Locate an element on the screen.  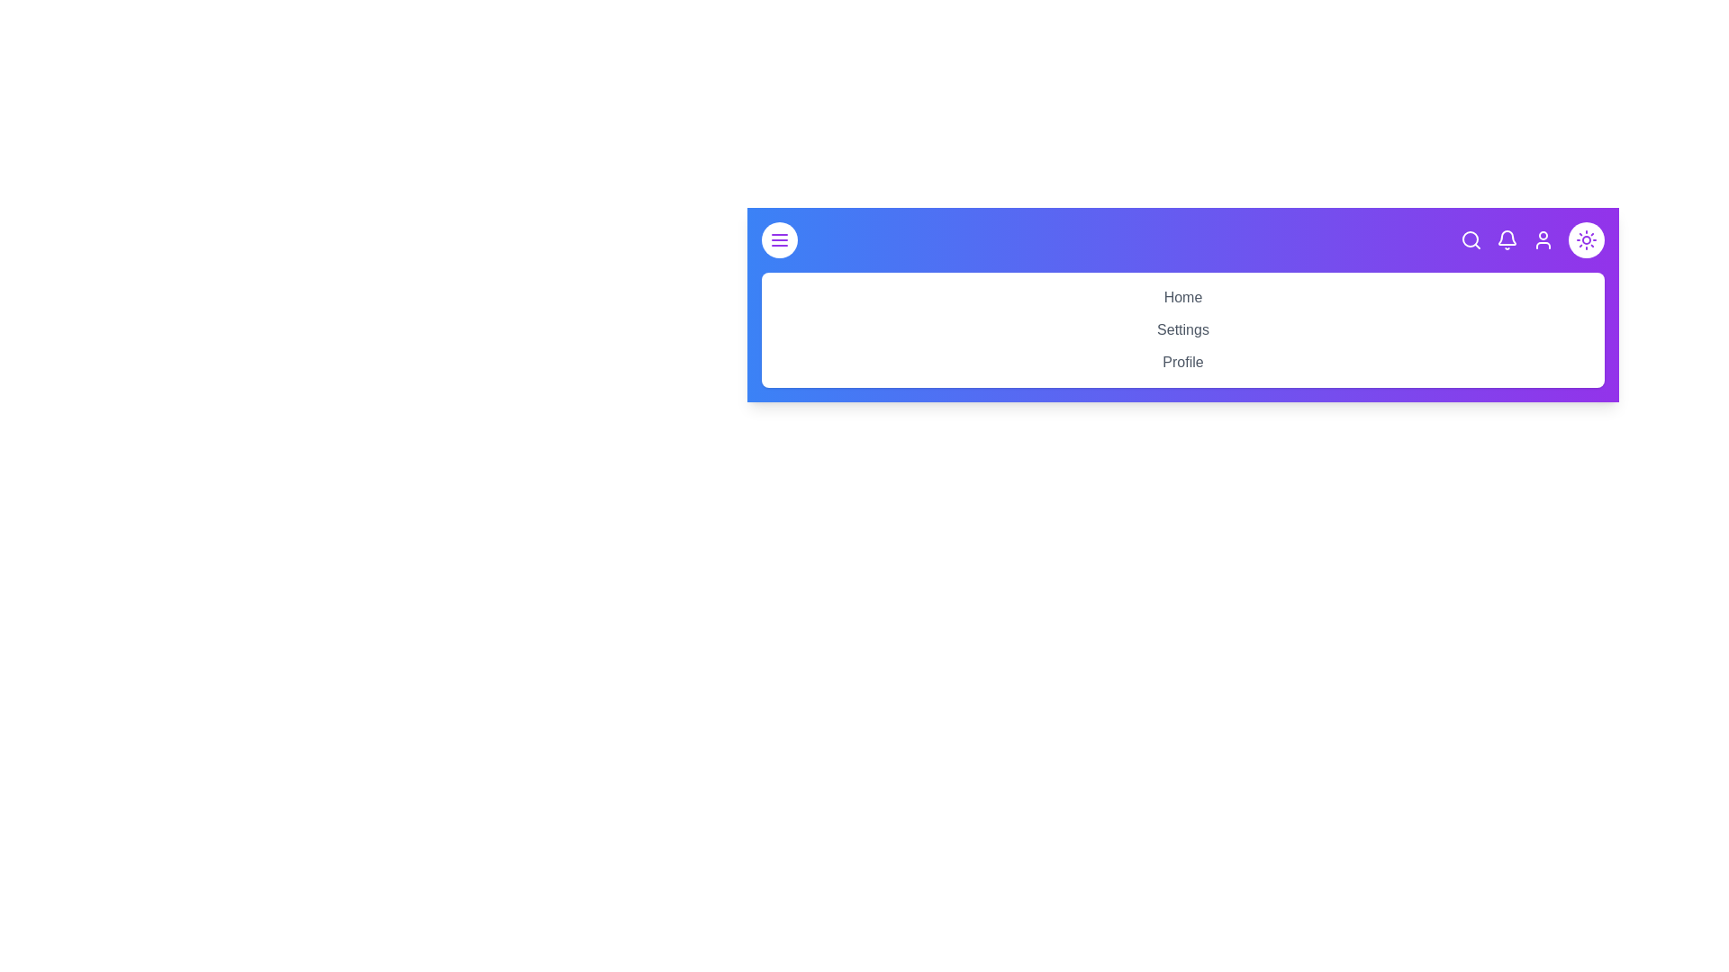
the notification button to view notifications is located at coordinates (1507, 238).